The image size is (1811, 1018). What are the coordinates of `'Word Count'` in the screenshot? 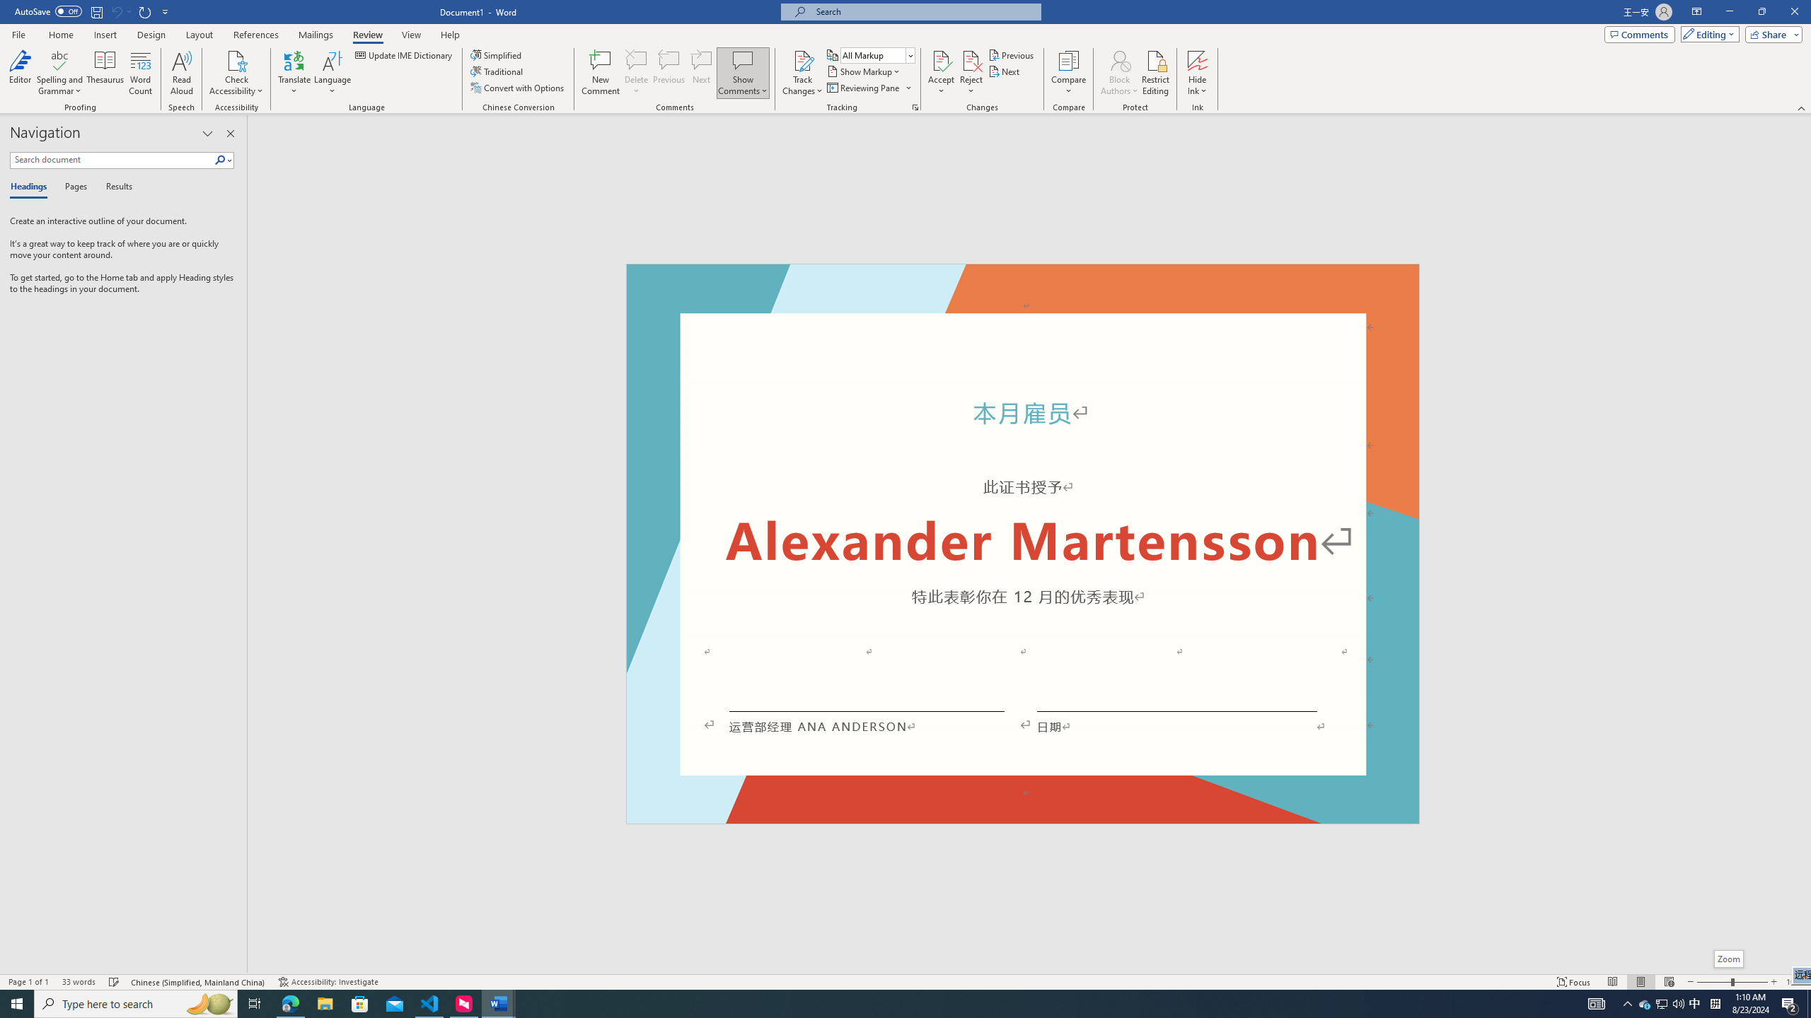 It's located at (141, 73).